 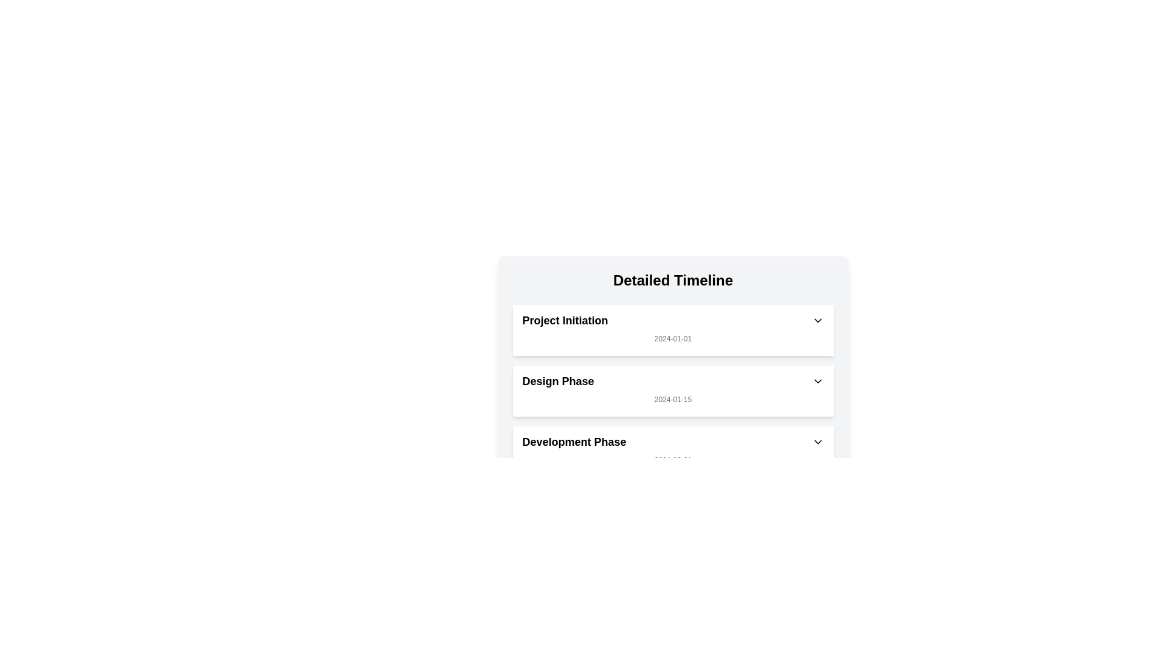 I want to click on the 'Development Phase' text label located in the lower portion of the 'Detailed Timeline' section, positioned directly below the 'Design Phase' section, so click(x=574, y=442).